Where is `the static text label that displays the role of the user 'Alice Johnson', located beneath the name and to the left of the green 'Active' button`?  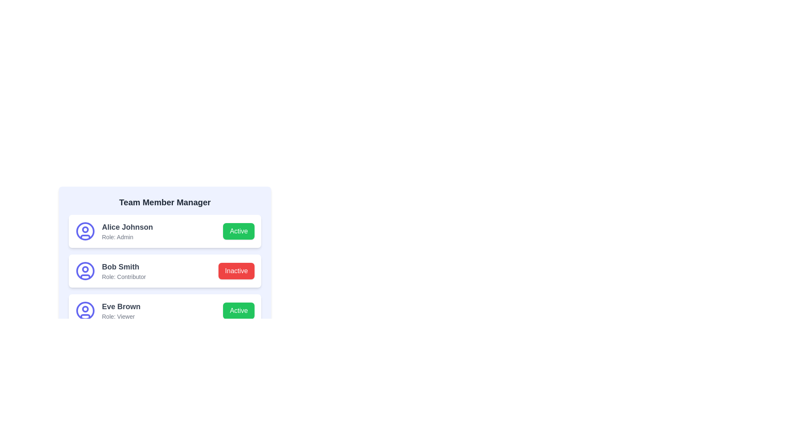
the static text label that displays the role of the user 'Alice Johnson', located beneath the name and to the left of the green 'Active' button is located at coordinates (127, 237).